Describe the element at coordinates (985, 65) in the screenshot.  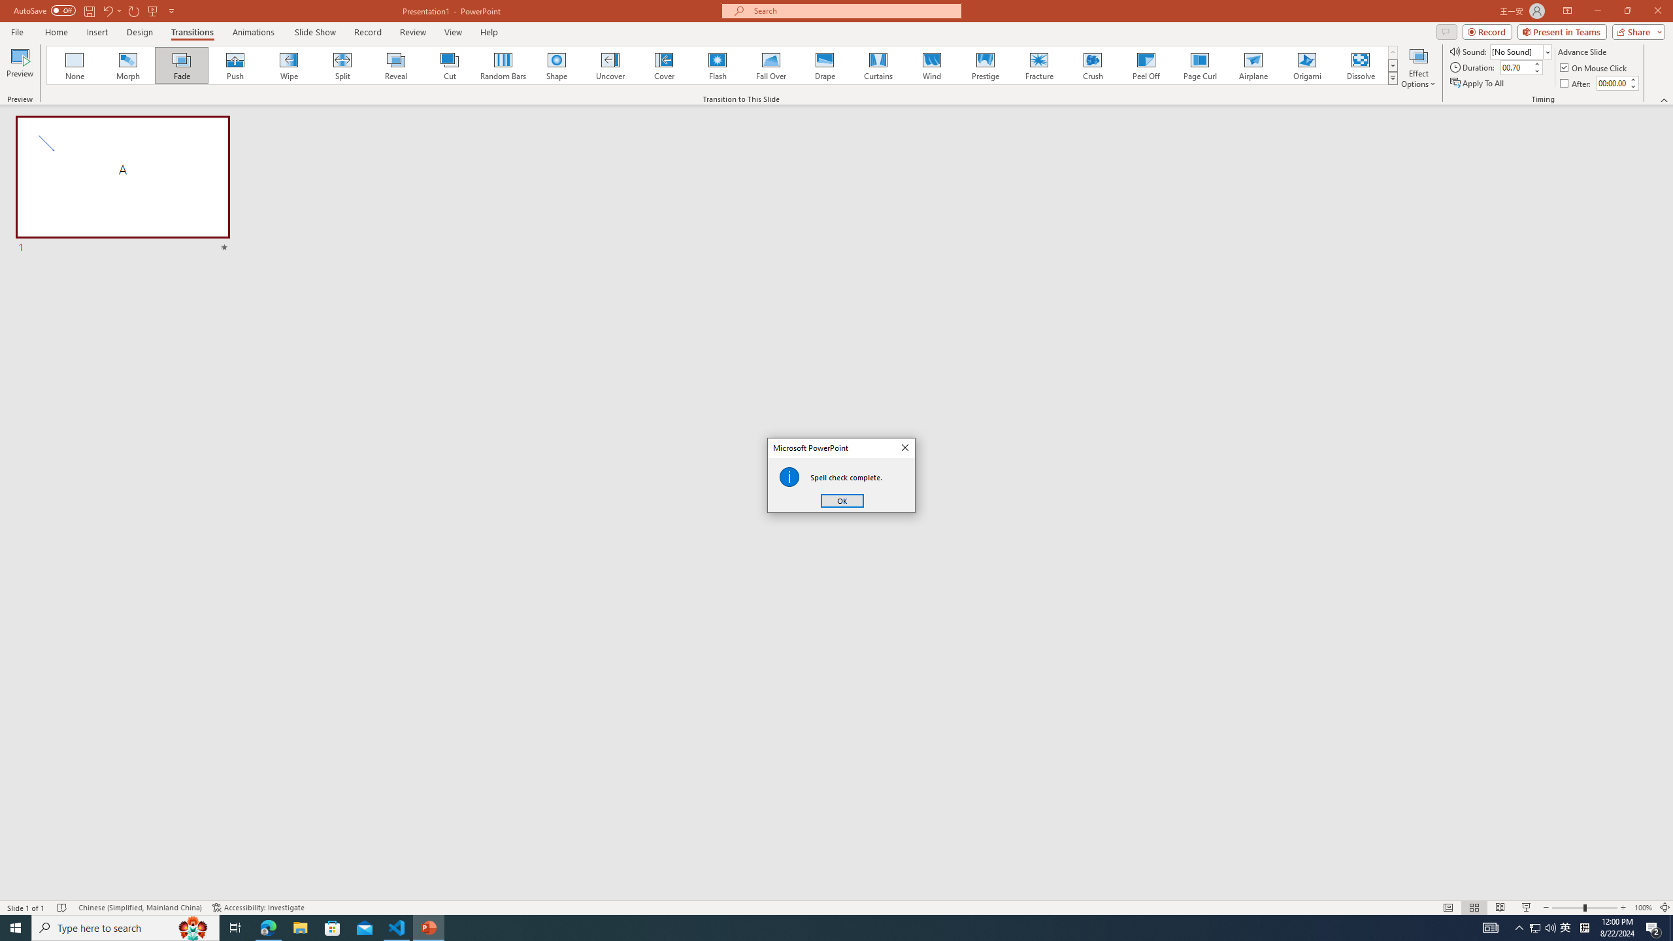
I see `'Prestige'` at that location.